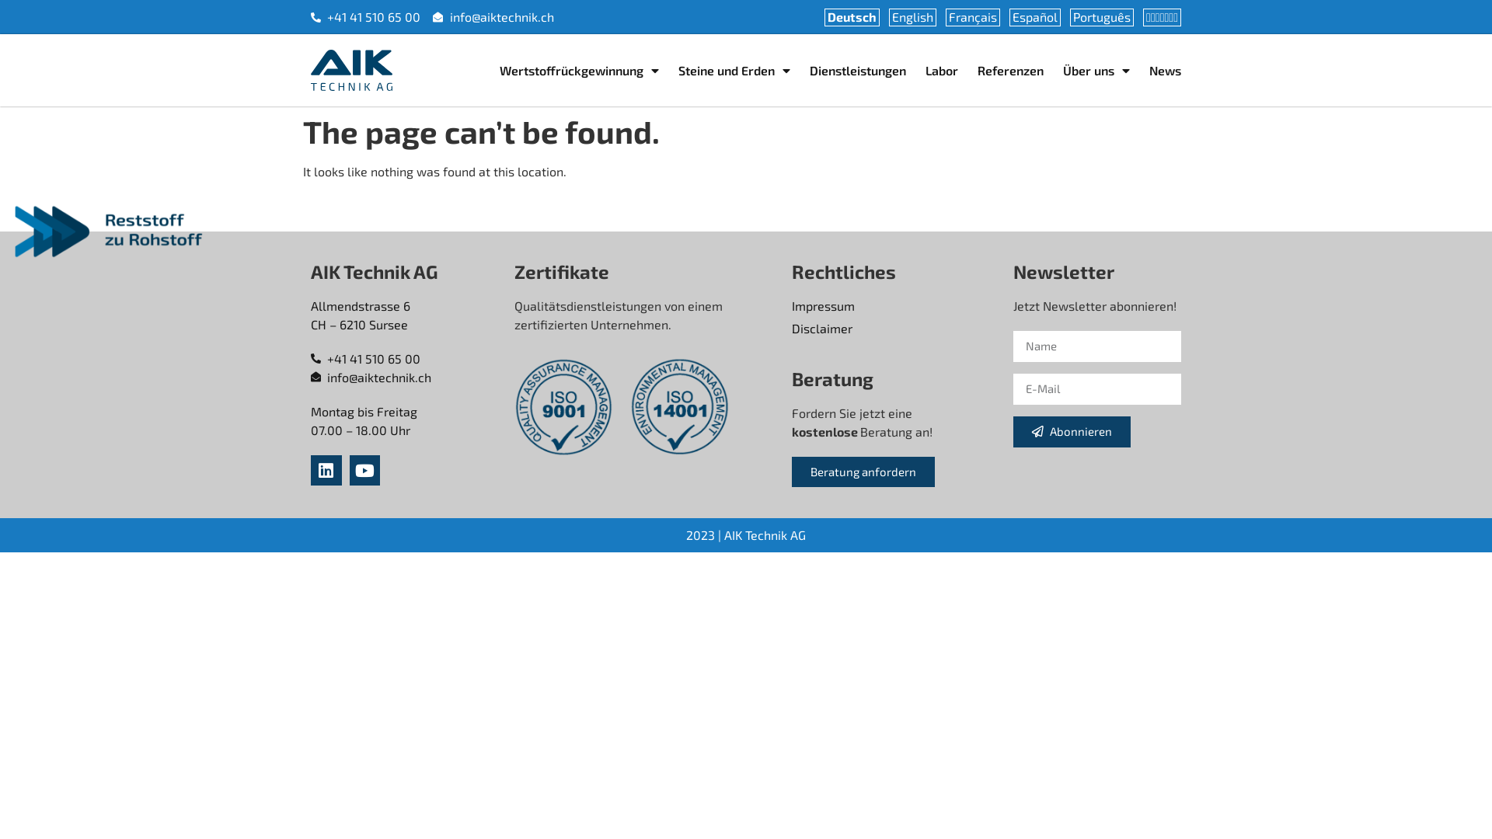  I want to click on 'Dienstleistungen', so click(857, 71).